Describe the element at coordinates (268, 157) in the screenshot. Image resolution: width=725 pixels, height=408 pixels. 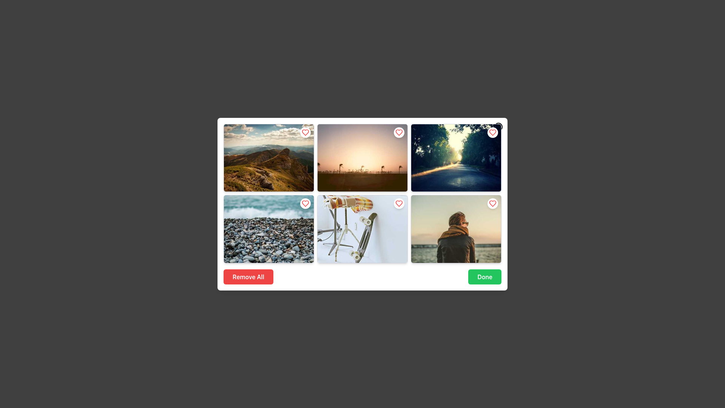
I see `the image thumbnail with an interactive overlay located at the top-left position of the grid` at that location.